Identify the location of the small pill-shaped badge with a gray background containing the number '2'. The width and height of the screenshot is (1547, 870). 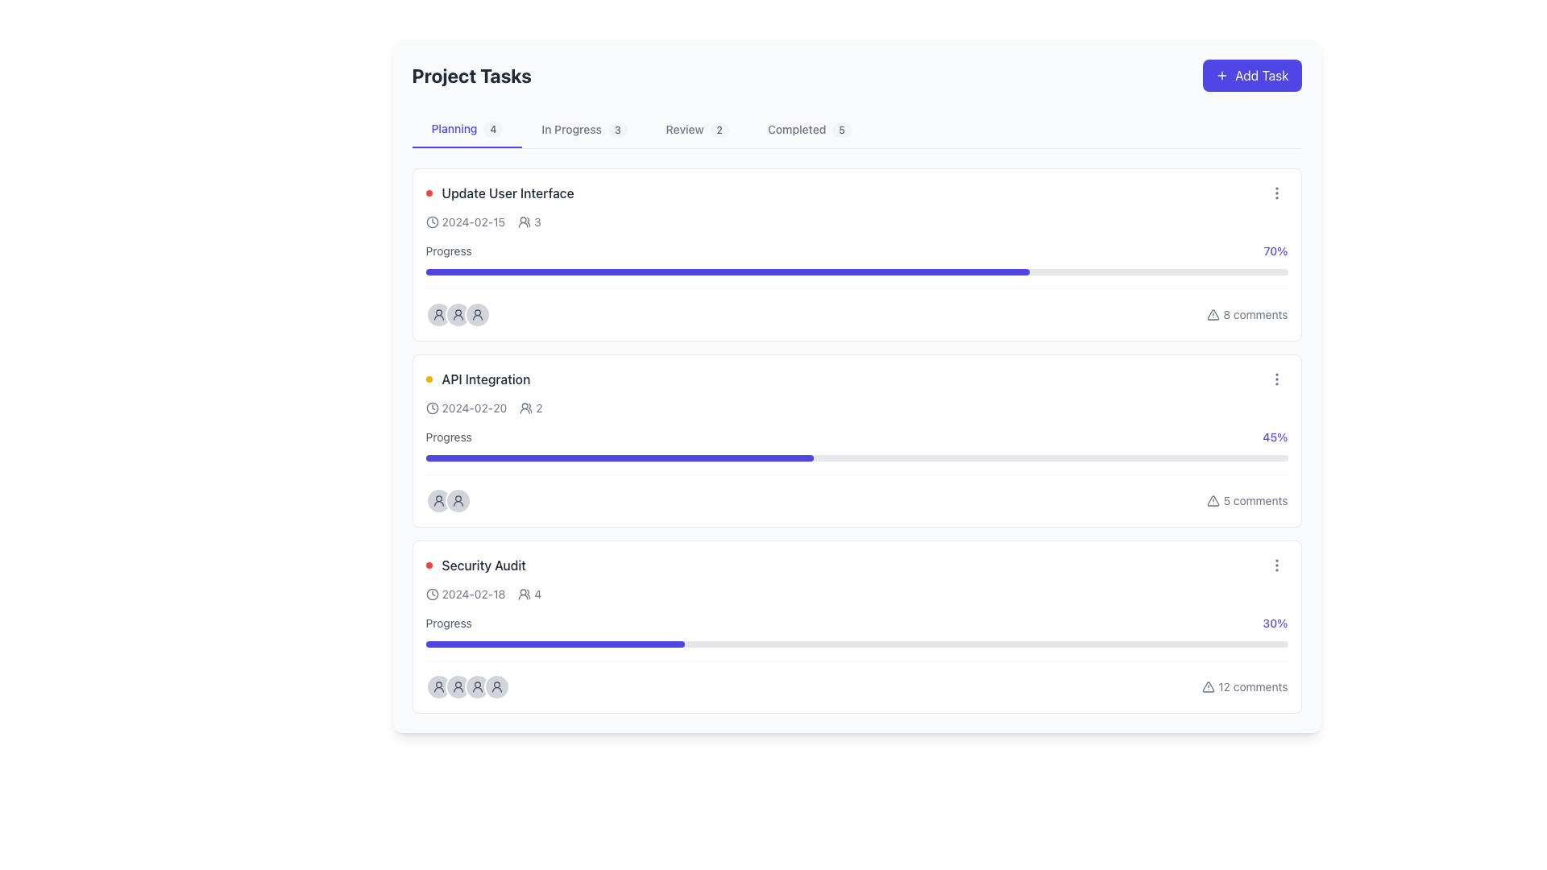
(719, 129).